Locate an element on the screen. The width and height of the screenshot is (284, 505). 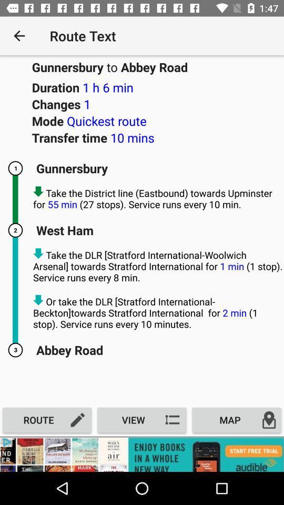
the option beside view is located at coordinates (236, 420).